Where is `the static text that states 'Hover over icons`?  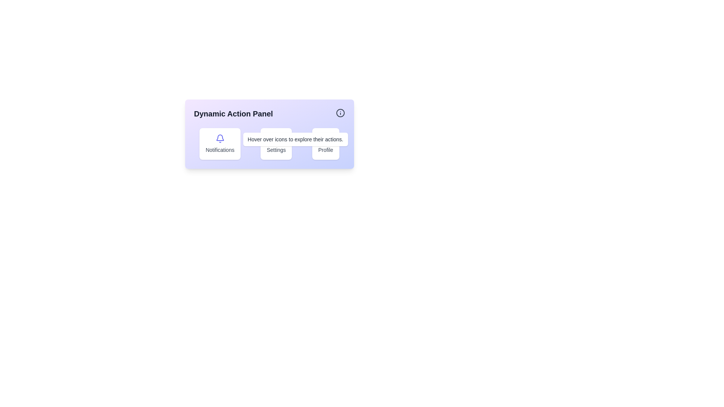
the static text that states 'Hover over icons is located at coordinates (295, 139).